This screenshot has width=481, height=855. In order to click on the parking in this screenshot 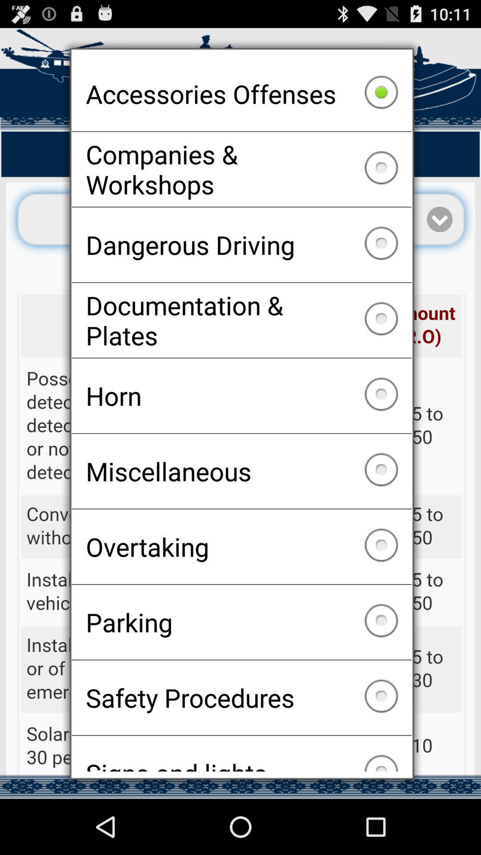, I will do `click(241, 622)`.